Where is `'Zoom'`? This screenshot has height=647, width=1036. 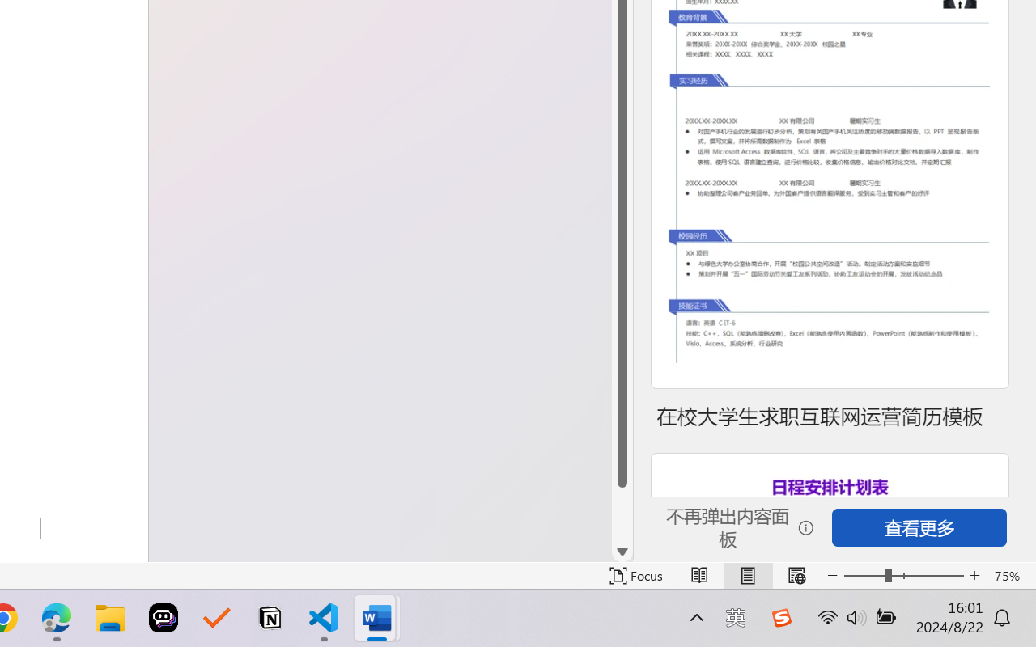
'Zoom' is located at coordinates (902, 575).